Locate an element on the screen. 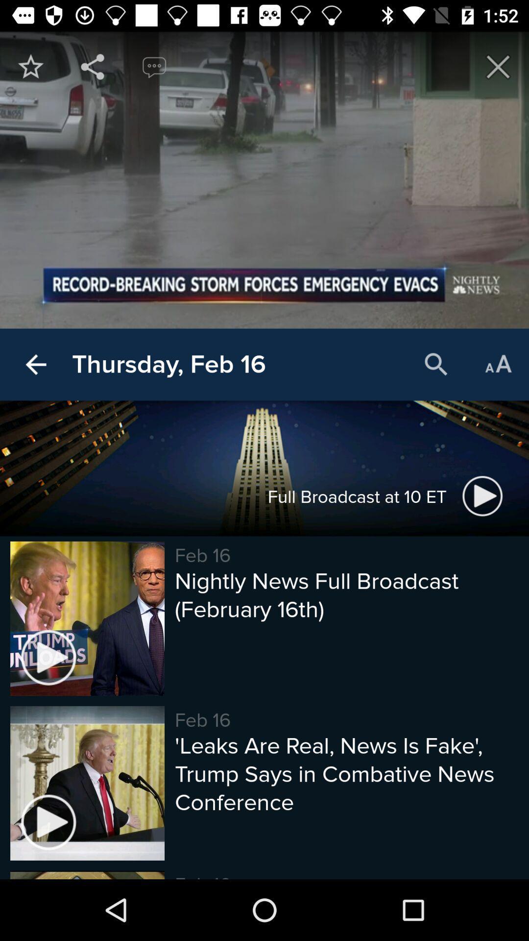  page is located at coordinates (30, 66).